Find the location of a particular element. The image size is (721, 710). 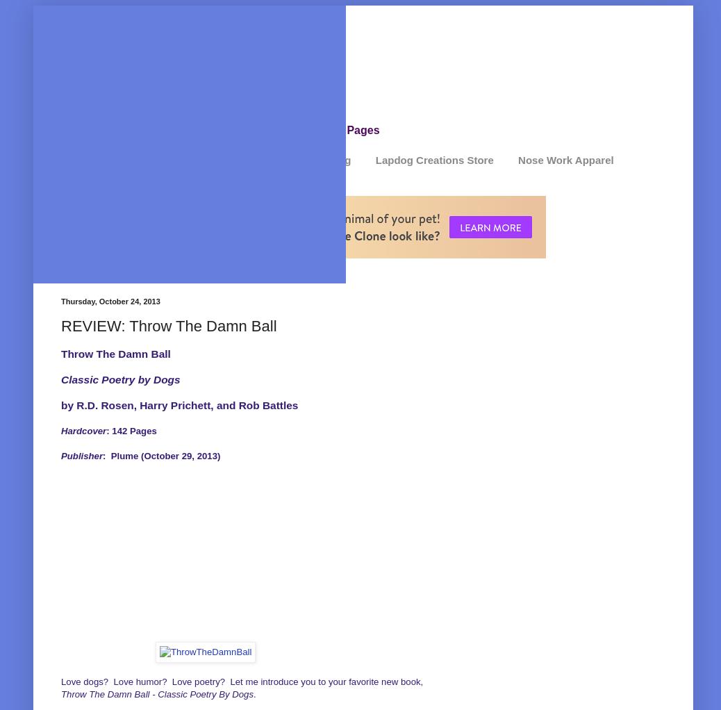

'Review Disclosure / Advertising' is located at coordinates (272, 159).